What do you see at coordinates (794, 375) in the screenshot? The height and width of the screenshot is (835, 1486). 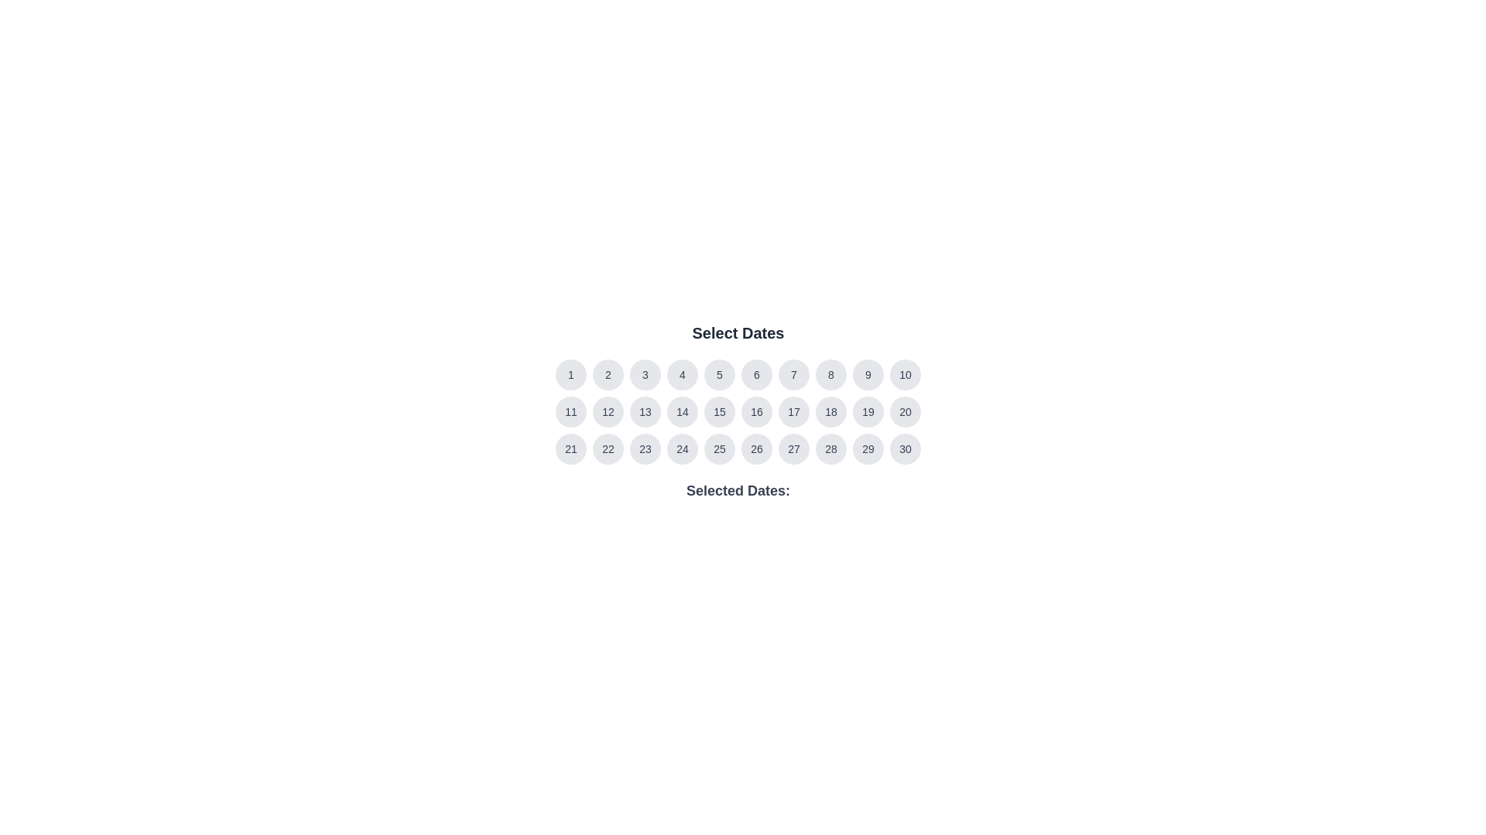 I see `the circular button labeled '7' which is light gray with dark gray text, positioned in the grid layout between buttons '6' and '8'` at bounding box center [794, 375].